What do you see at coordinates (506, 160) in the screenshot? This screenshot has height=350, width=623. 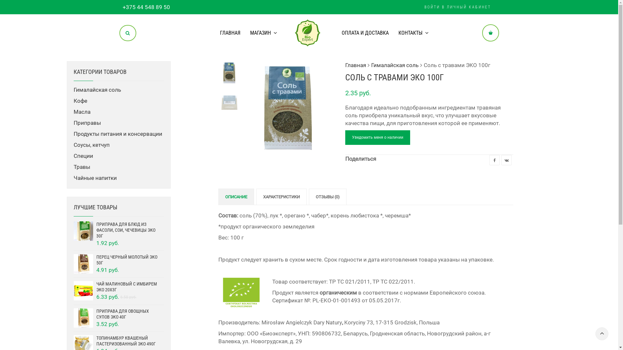 I see `'VK'` at bounding box center [506, 160].